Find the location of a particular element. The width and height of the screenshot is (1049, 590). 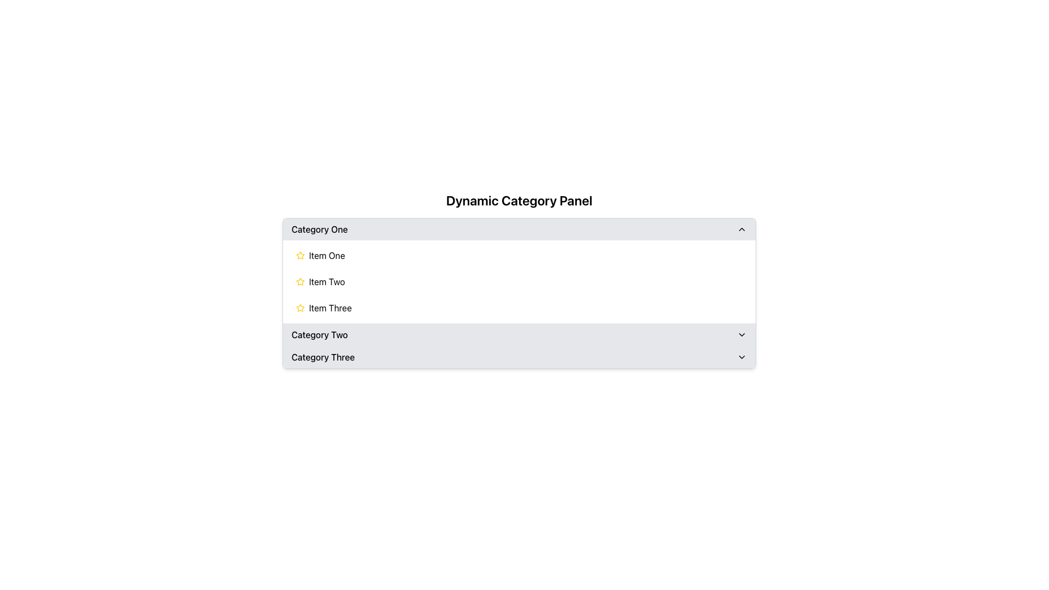

the visual indication of the star icon associated with 'Item Two' in 'Category One', which is the second star in the list is located at coordinates (300, 281).